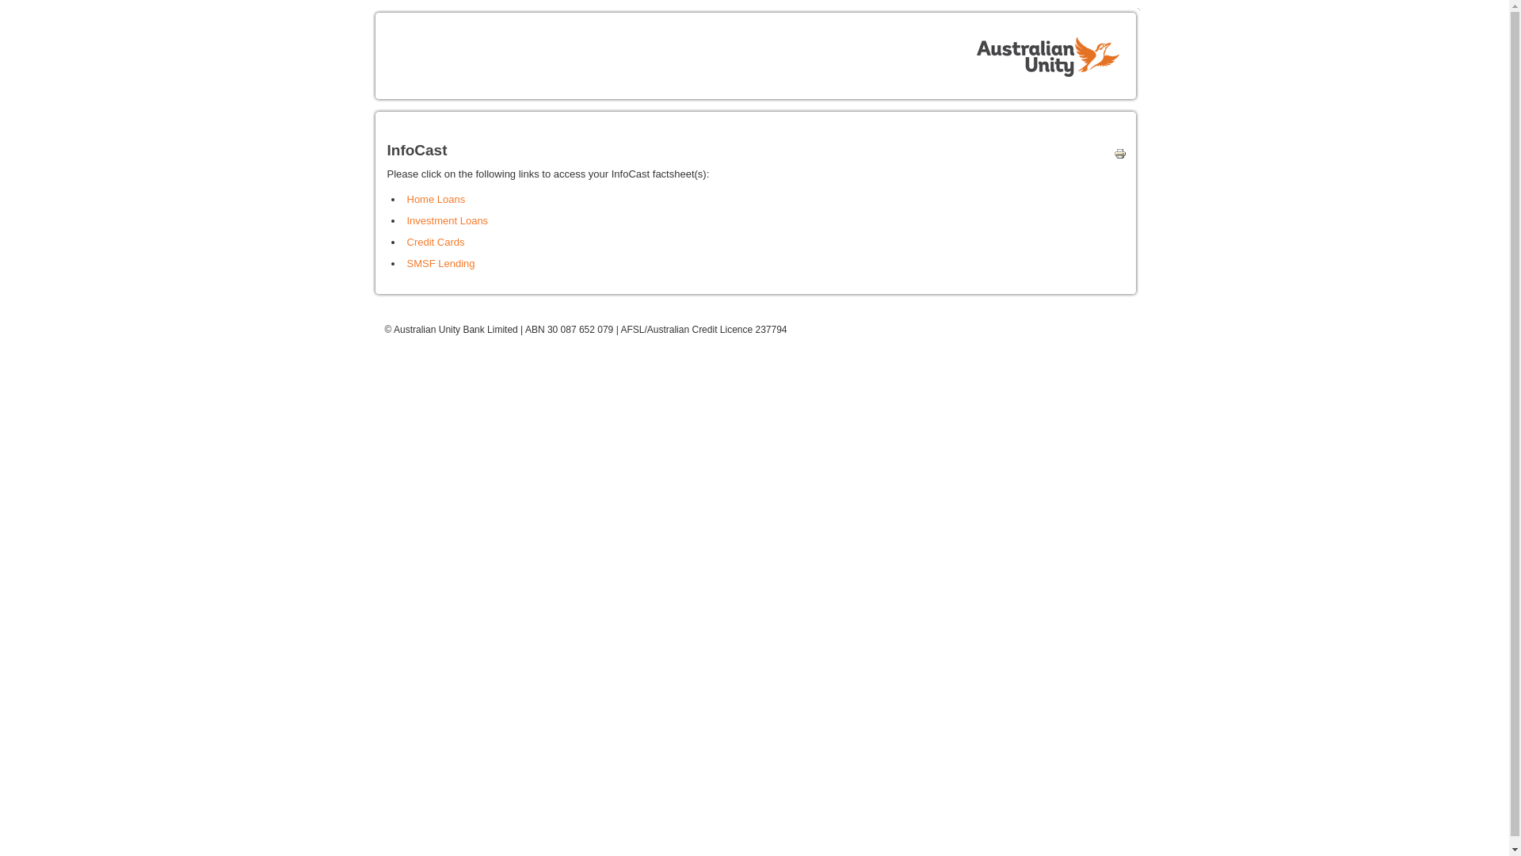 This screenshot has height=856, width=1521. Describe the element at coordinates (440, 262) in the screenshot. I see `'SMSF Lending'` at that location.